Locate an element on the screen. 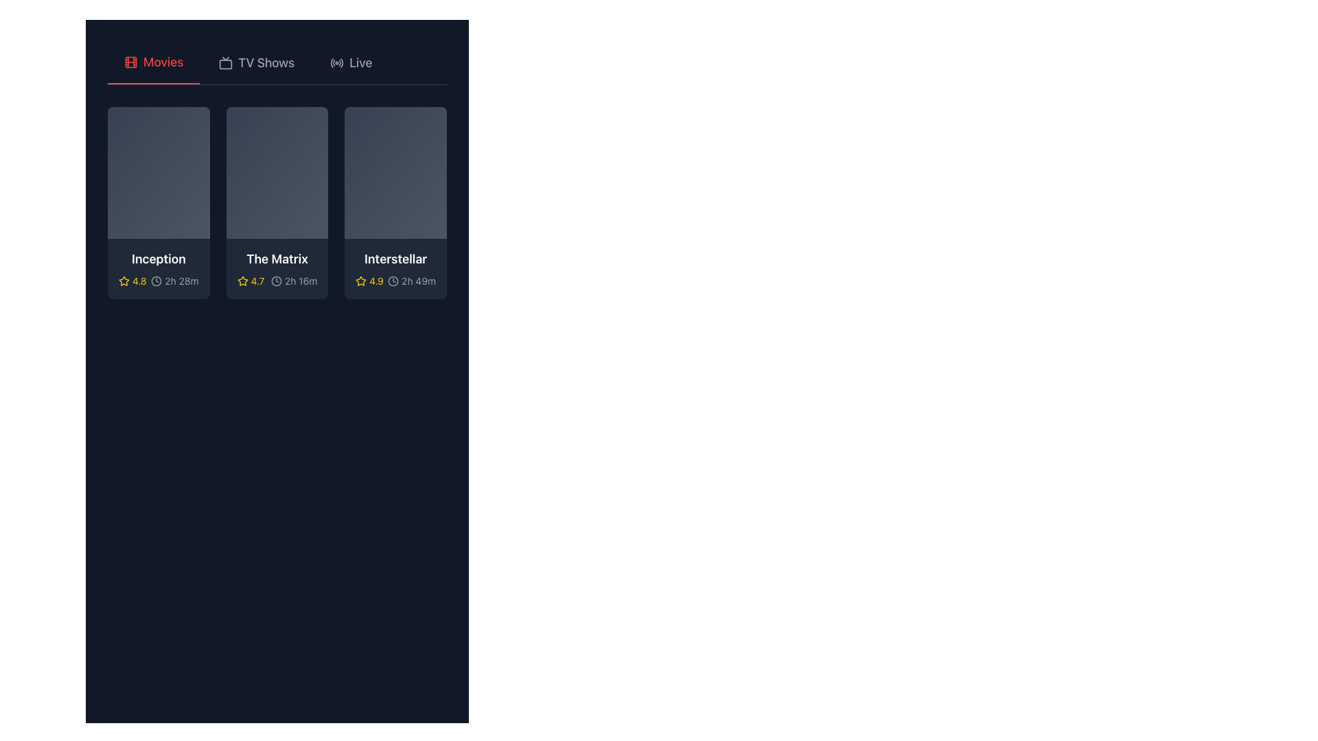  the star rating icon representing a rating of '4.9' for the movie 'Interstellar', located in the rightmost position of the horizontal list of movie cards is located at coordinates (361, 280).